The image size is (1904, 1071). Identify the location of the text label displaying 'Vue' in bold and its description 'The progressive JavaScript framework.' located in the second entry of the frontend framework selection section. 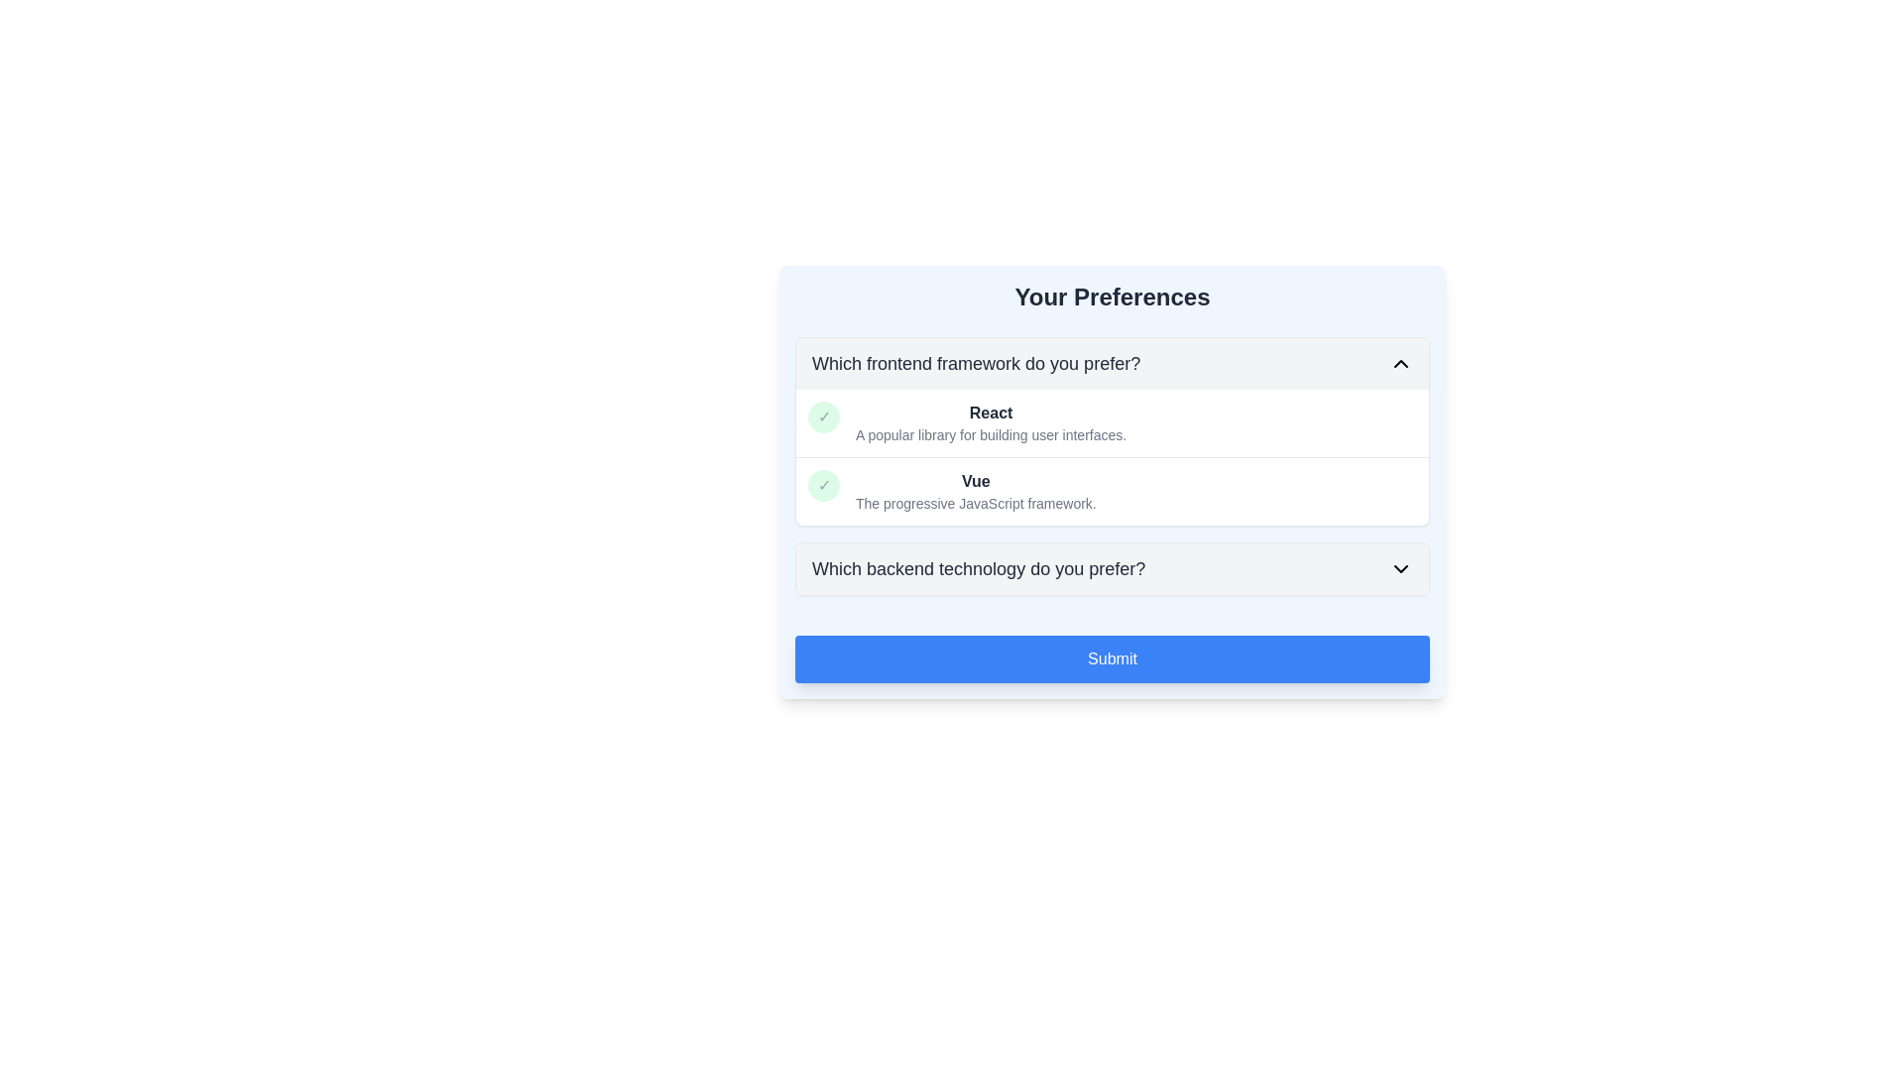
(976, 491).